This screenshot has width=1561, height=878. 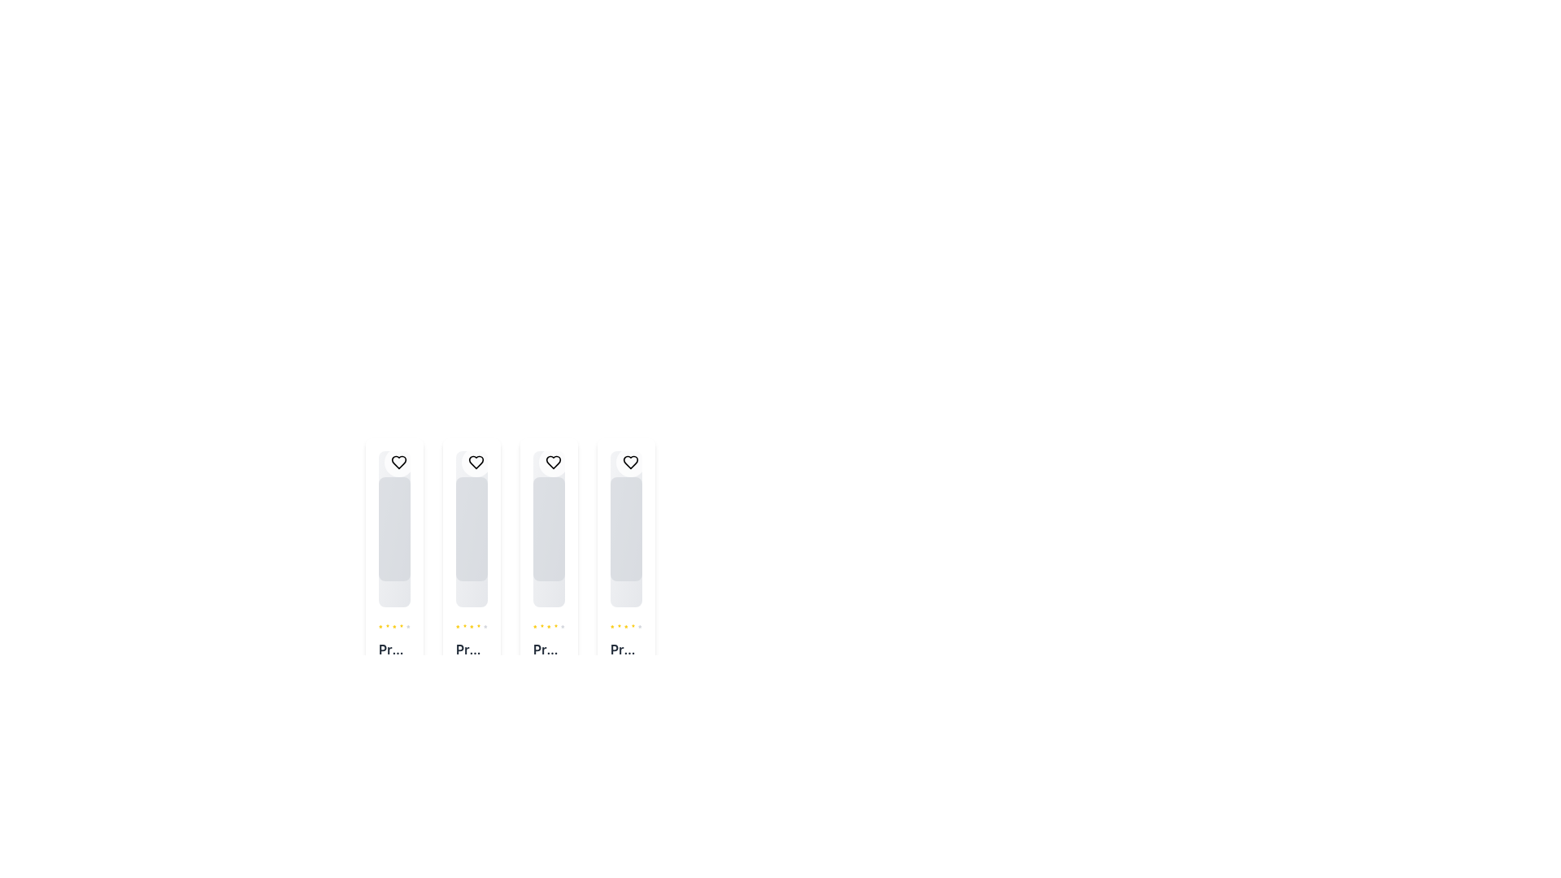 I want to click on the heart-shaped icon button with a thin black outline, located in the top-center area of the third item card, to mark it as a favorite, so click(x=554, y=463).